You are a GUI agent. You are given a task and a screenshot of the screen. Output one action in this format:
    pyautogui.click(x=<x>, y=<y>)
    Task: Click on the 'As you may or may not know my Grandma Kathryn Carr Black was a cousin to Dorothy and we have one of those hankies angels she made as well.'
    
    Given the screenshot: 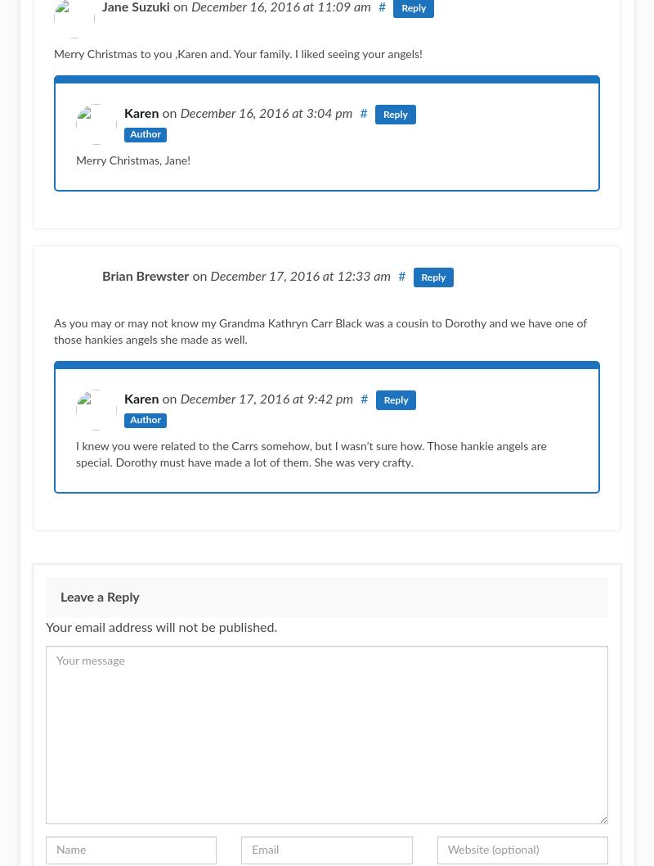 What is the action you would take?
    pyautogui.click(x=319, y=332)
    